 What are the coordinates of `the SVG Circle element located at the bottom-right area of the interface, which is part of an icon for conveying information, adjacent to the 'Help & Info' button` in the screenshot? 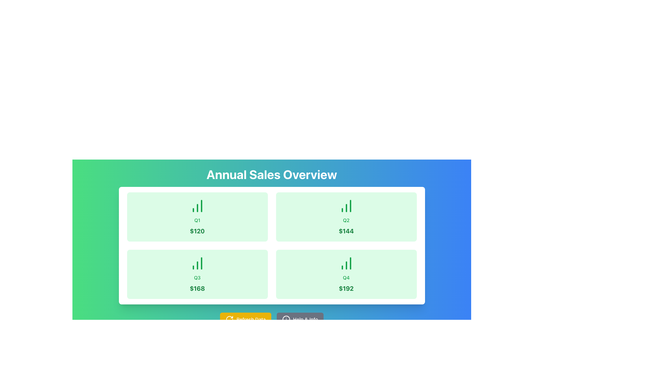 It's located at (286, 319).